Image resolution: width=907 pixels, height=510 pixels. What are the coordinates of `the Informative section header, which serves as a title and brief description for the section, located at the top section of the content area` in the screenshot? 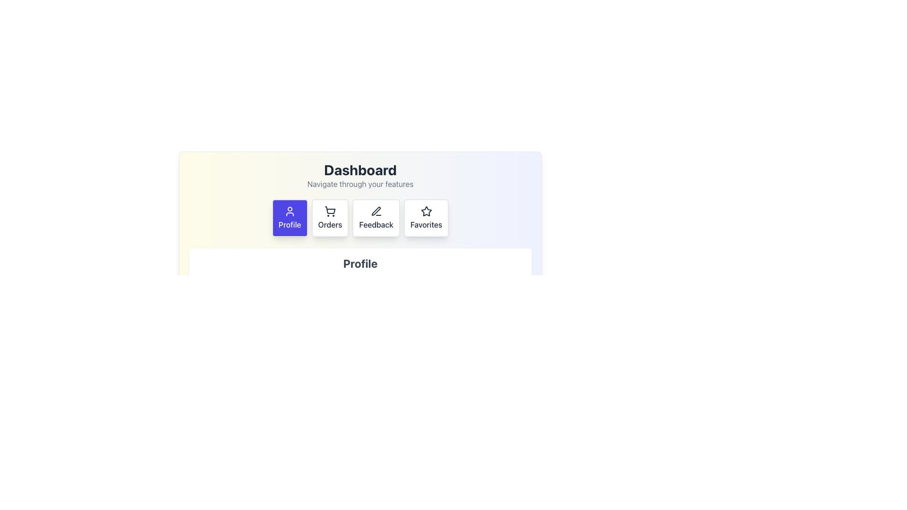 It's located at (360, 175).